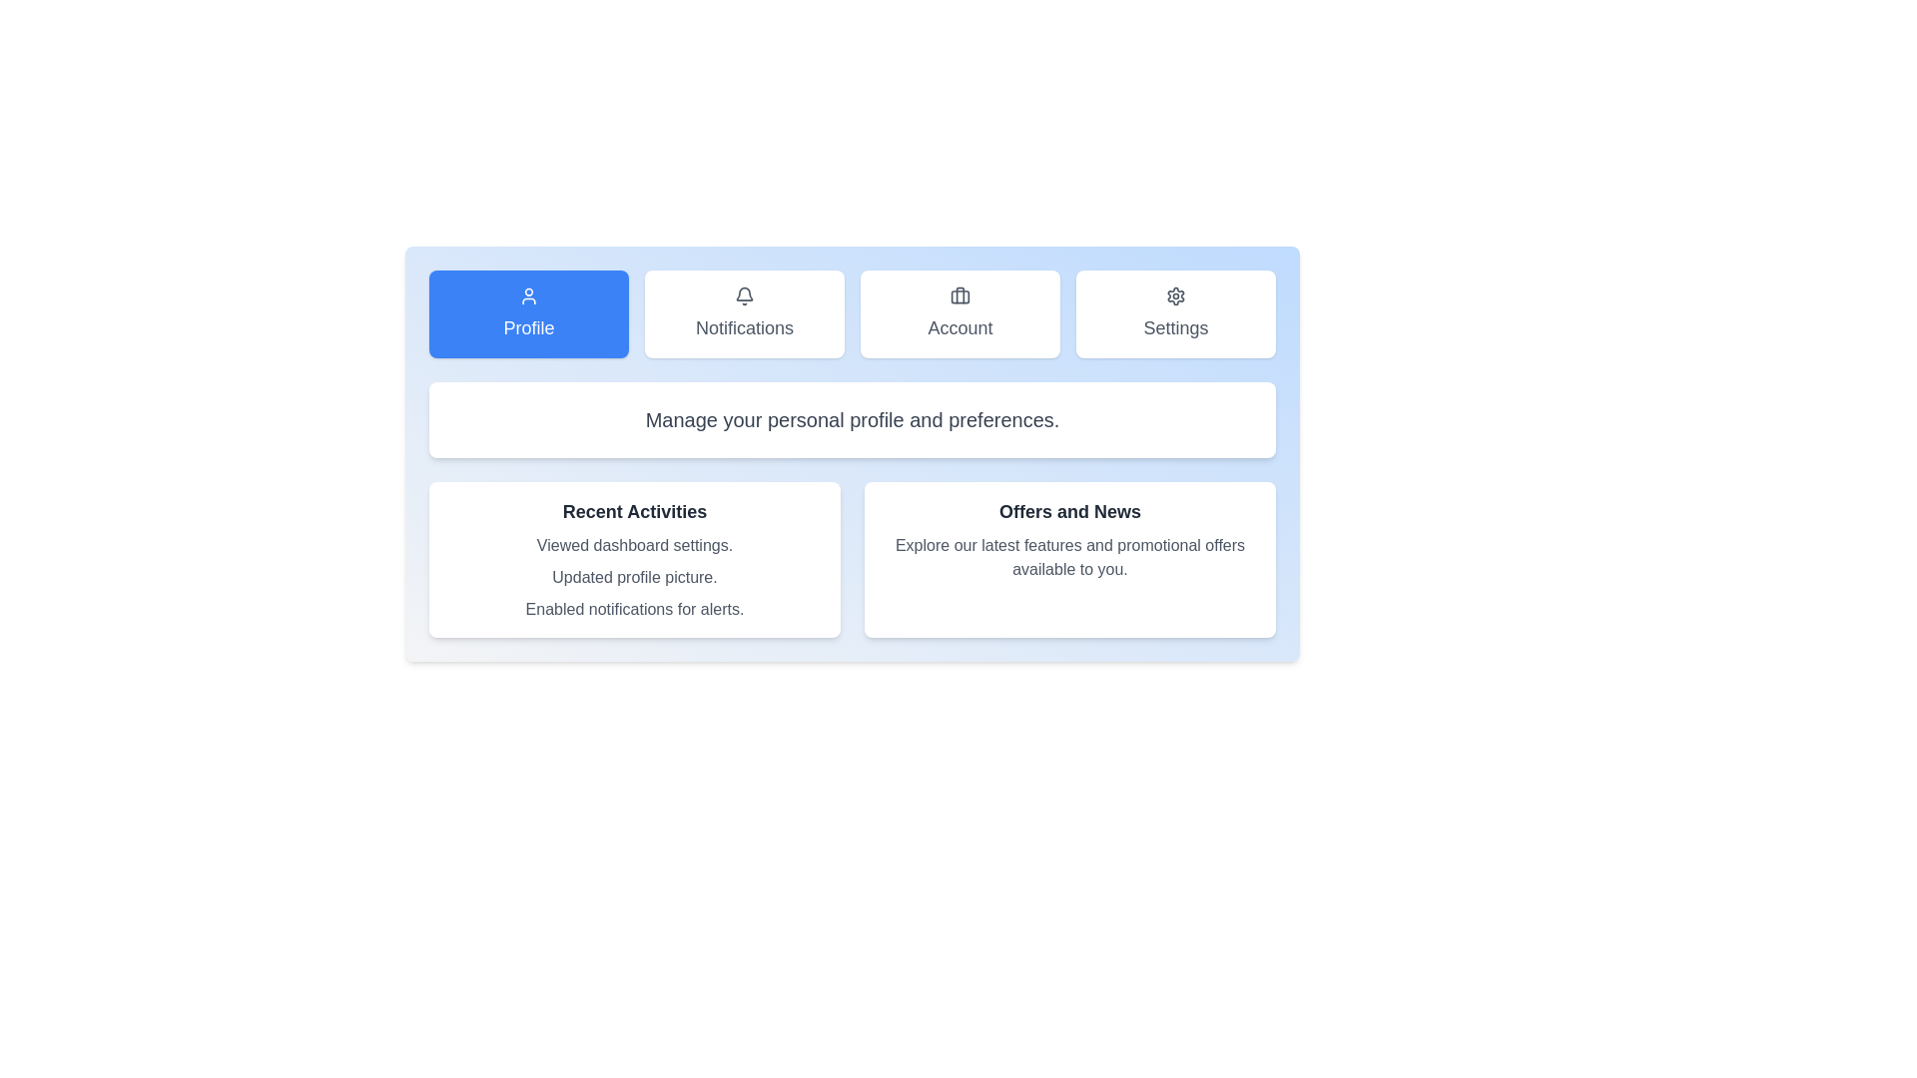  I want to click on the rectangular blue button with rounded corners labeled 'Profile', located at the top left of the button group, so click(528, 314).